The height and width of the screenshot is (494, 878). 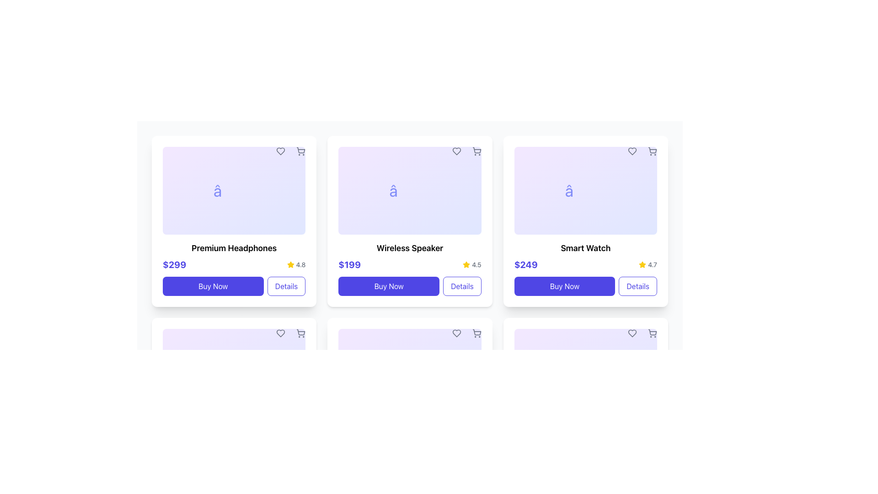 What do you see at coordinates (286, 285) in the screenshot?
I see `the button that allows users` at bounding box center [286, 285].